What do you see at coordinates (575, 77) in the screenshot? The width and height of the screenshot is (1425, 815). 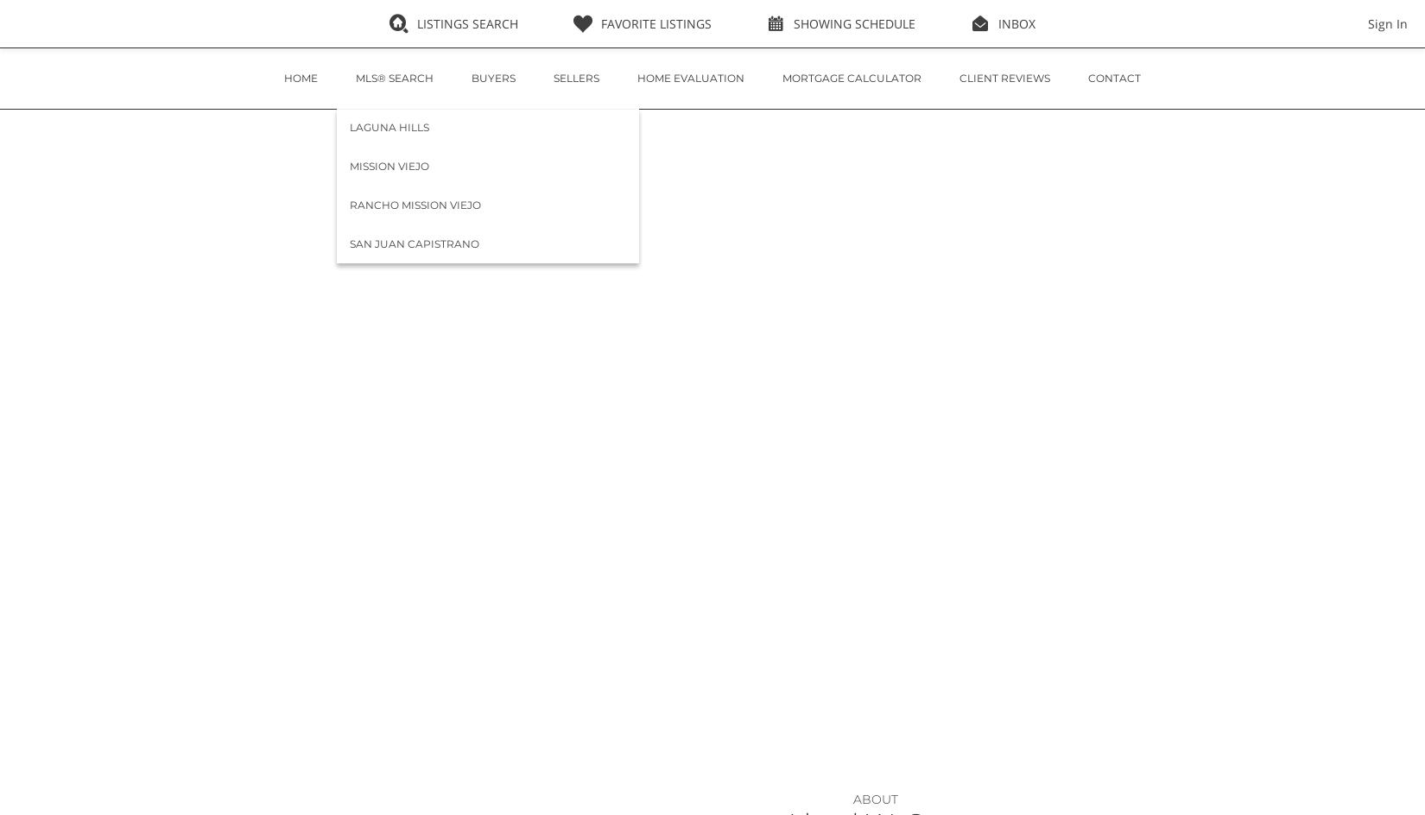 I see `'Sellers'` at bounding box center [575, 77].